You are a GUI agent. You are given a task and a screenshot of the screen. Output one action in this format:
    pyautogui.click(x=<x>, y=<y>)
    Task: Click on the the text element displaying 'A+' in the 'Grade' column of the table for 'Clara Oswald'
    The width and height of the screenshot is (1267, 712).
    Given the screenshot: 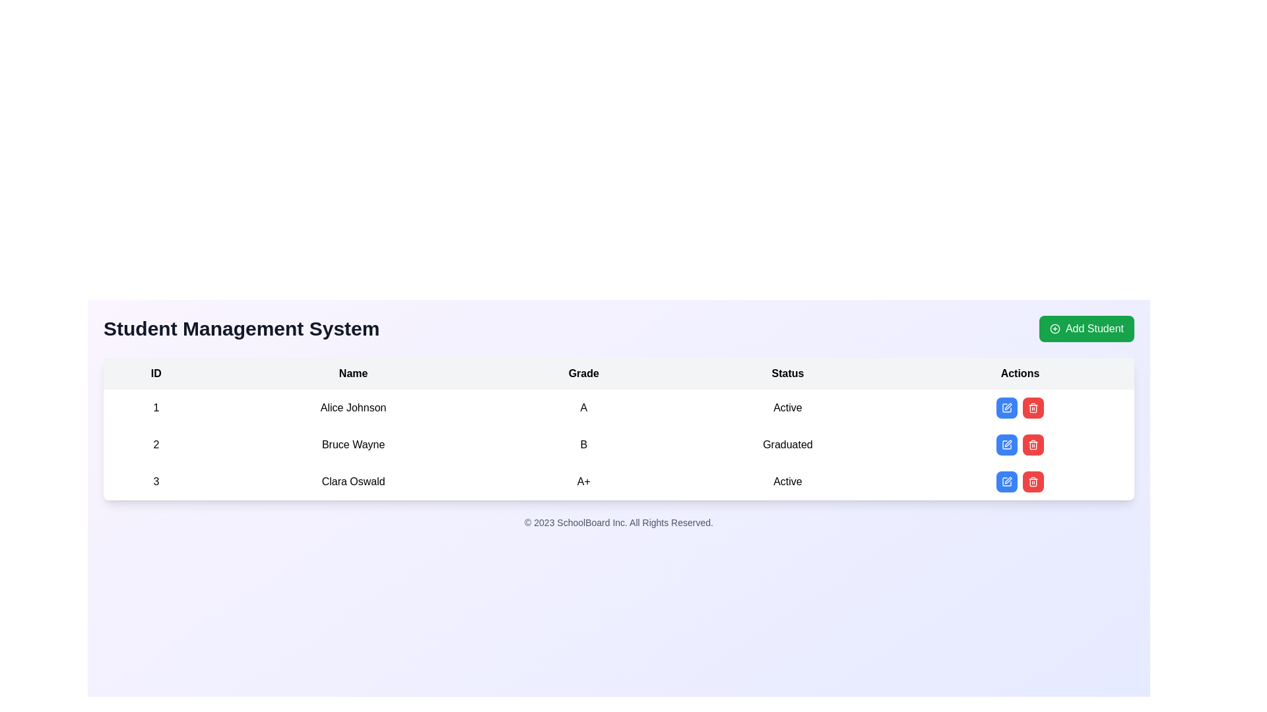 What is the action you would take?
    pyautogui.click(x=583, y=482)
    